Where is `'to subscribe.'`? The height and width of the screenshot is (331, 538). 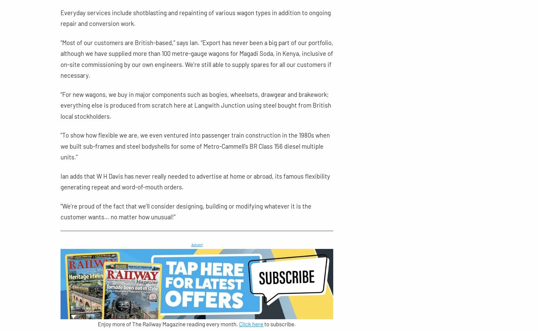
'to subscribe.' is located at coordinates (279, 324).